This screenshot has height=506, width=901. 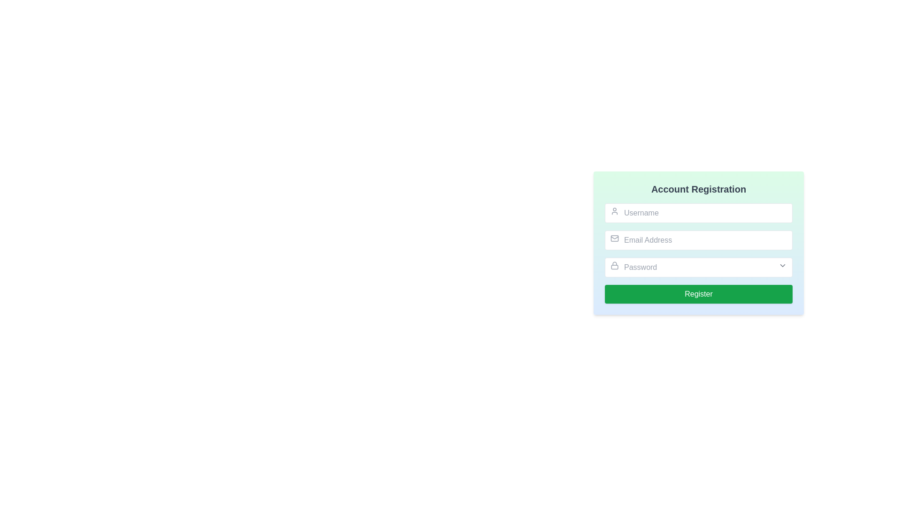 What do you see at coordinates (698, 294) in the screenshot?
I see `the 'Register' button with a green background and white text` at bounding box center [698, 294].